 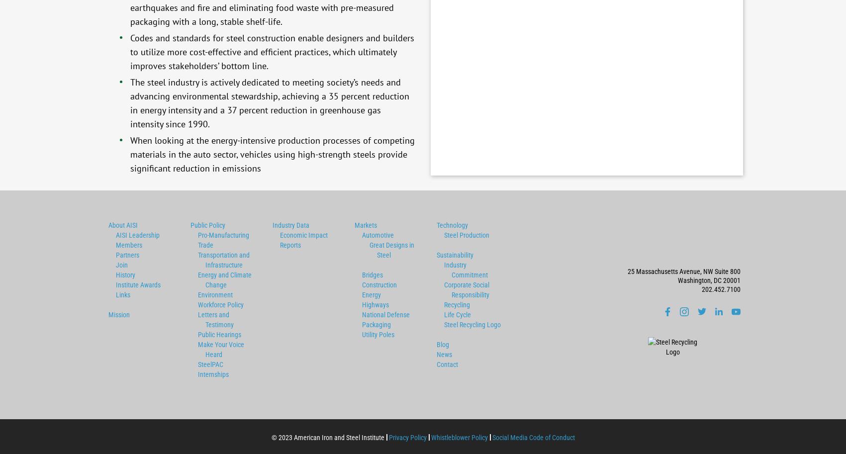 What do you see at coordinates (371, 294) in the screenshot?
I see `'Energy'` at bounding box center [371, 294].